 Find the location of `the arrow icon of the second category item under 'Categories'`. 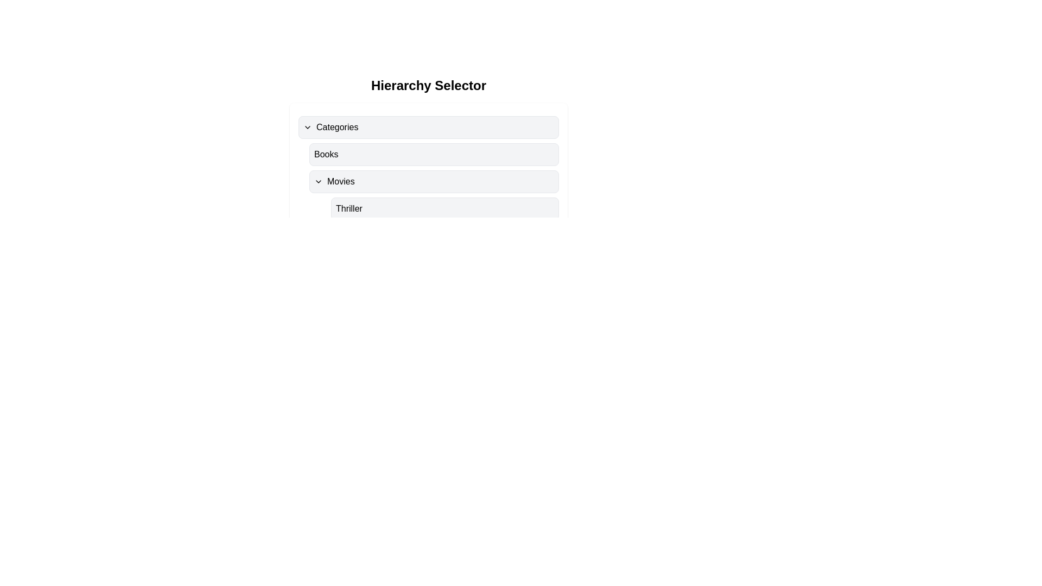

the arrow icon of the second category item under 'Categories' is located at coordinates (333, 181).